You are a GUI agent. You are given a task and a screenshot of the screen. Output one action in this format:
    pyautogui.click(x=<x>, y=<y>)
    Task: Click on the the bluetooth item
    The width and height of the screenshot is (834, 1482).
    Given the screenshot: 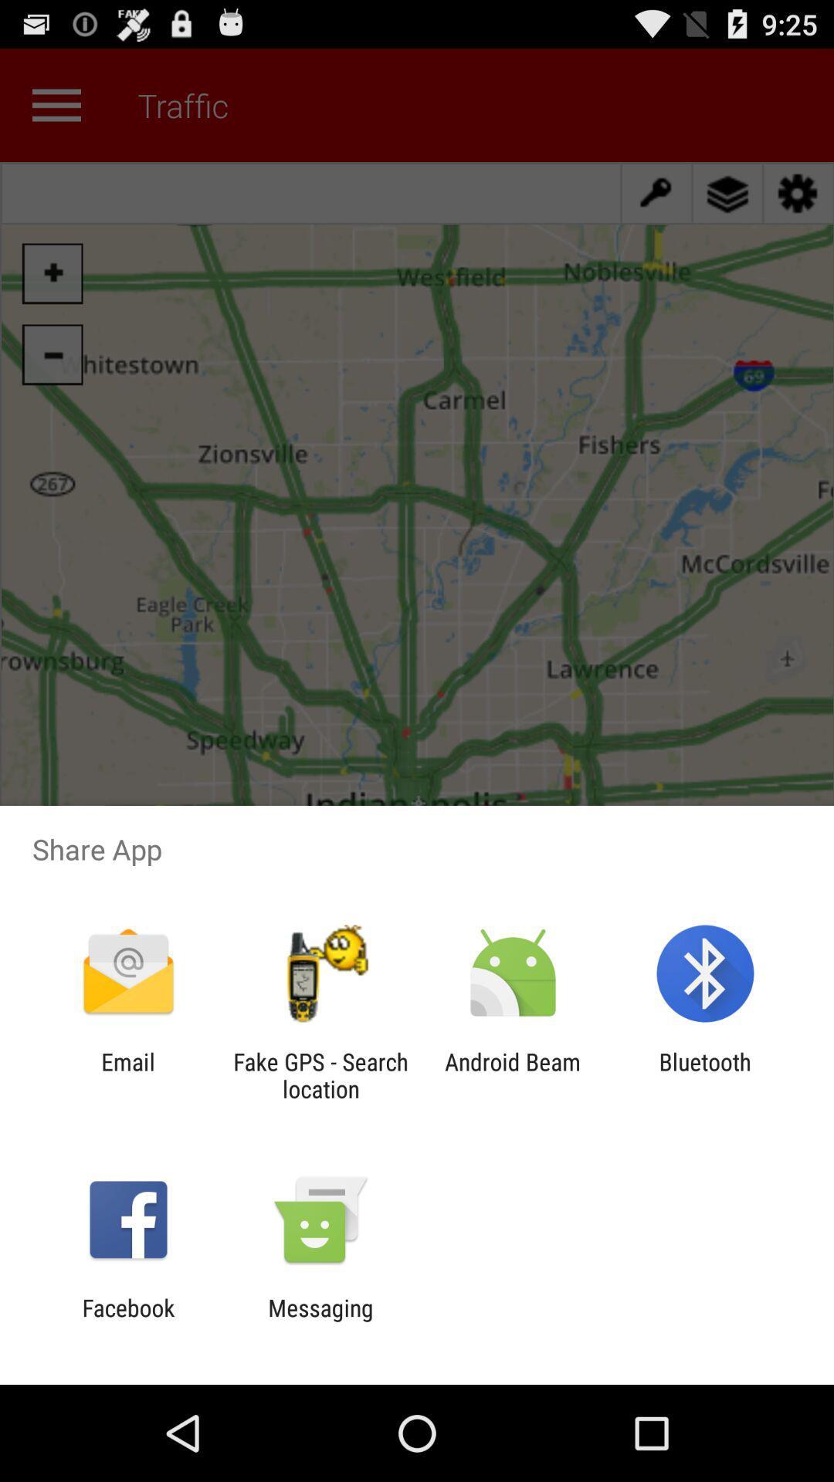 What is the action you would take?
    pyautogui.click(x=705, y=1074)
    